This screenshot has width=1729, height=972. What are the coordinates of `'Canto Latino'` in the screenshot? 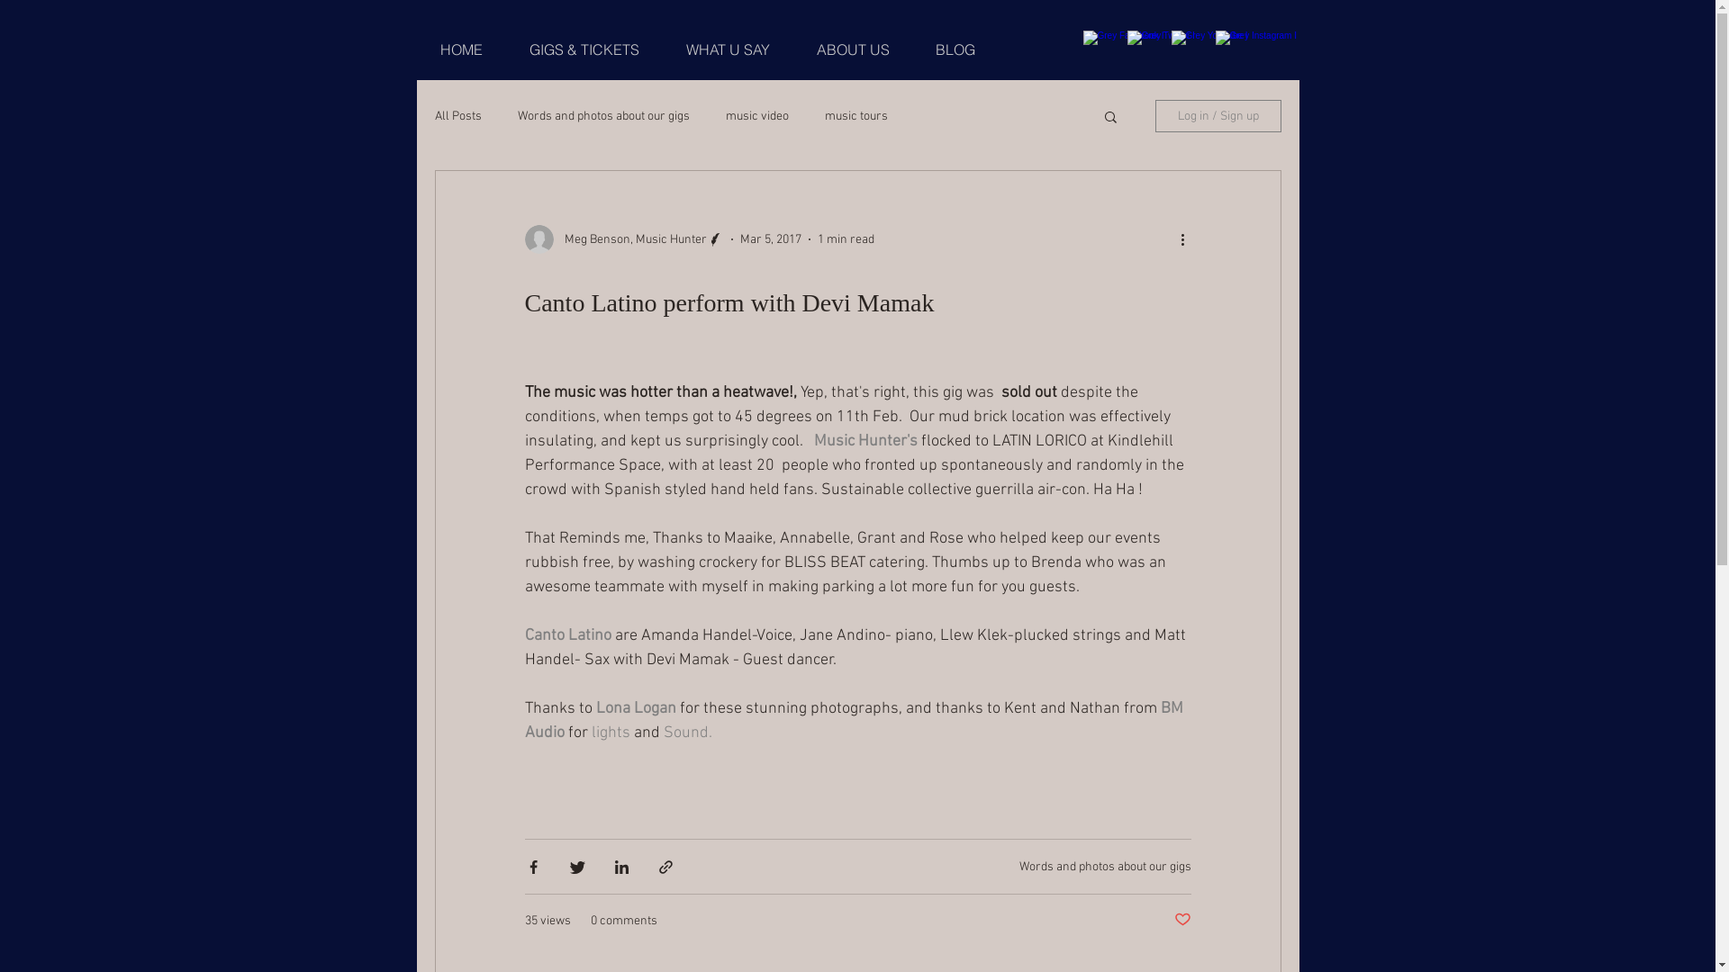 It's located at (566, 634).